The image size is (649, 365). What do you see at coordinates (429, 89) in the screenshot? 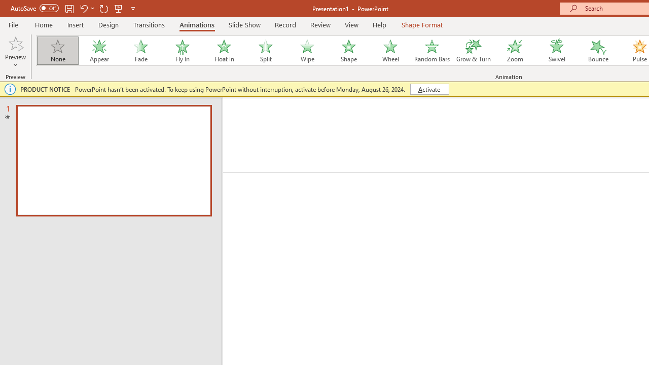
I see `'Activate'` at bounding box center [429, 89].